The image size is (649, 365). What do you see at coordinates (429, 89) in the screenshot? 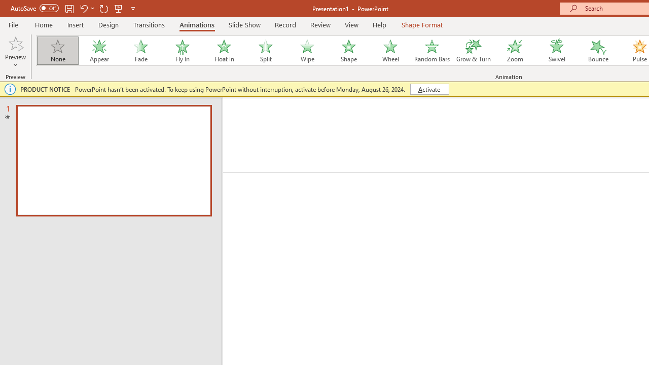
I see `'Activate'` at bounding box center [429, 89].